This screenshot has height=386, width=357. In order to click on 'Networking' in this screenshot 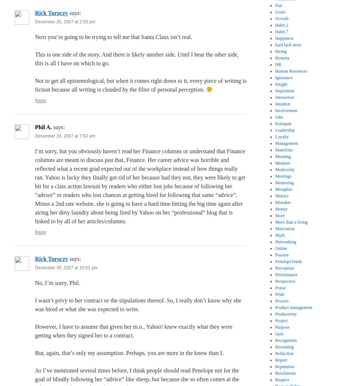, I will do `click(285, 242)`.